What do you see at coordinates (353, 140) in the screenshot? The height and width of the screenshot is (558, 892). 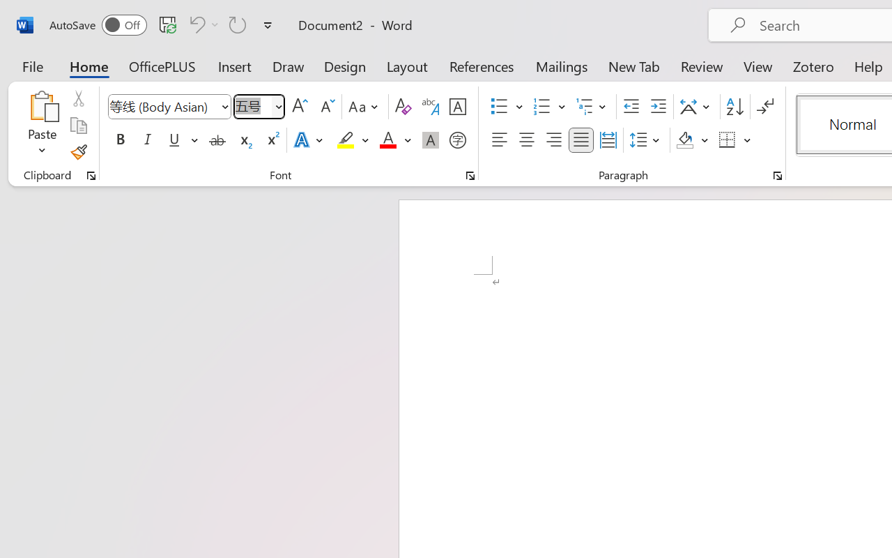 I see `'Text Highlight Color'` at bounding box center [353, 140].